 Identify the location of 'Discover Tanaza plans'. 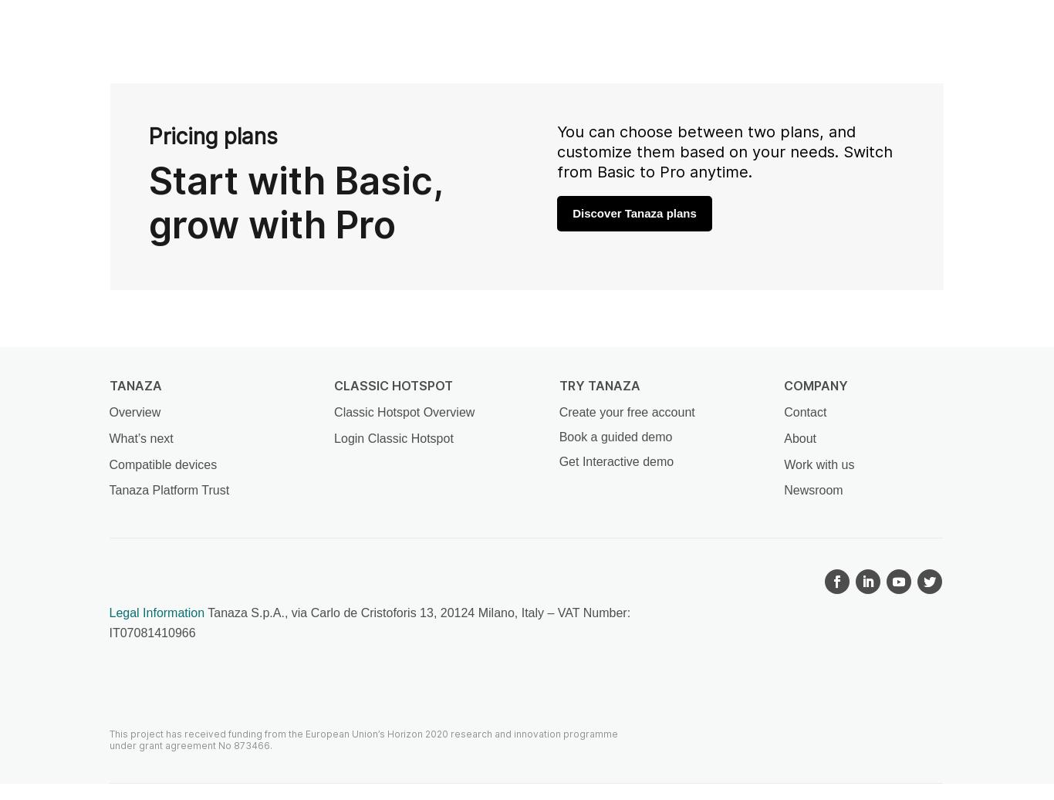
(633, 211).